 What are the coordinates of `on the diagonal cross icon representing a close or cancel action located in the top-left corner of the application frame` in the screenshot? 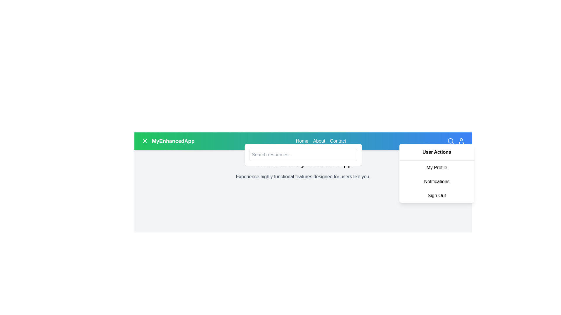 It's located at (145, 141).